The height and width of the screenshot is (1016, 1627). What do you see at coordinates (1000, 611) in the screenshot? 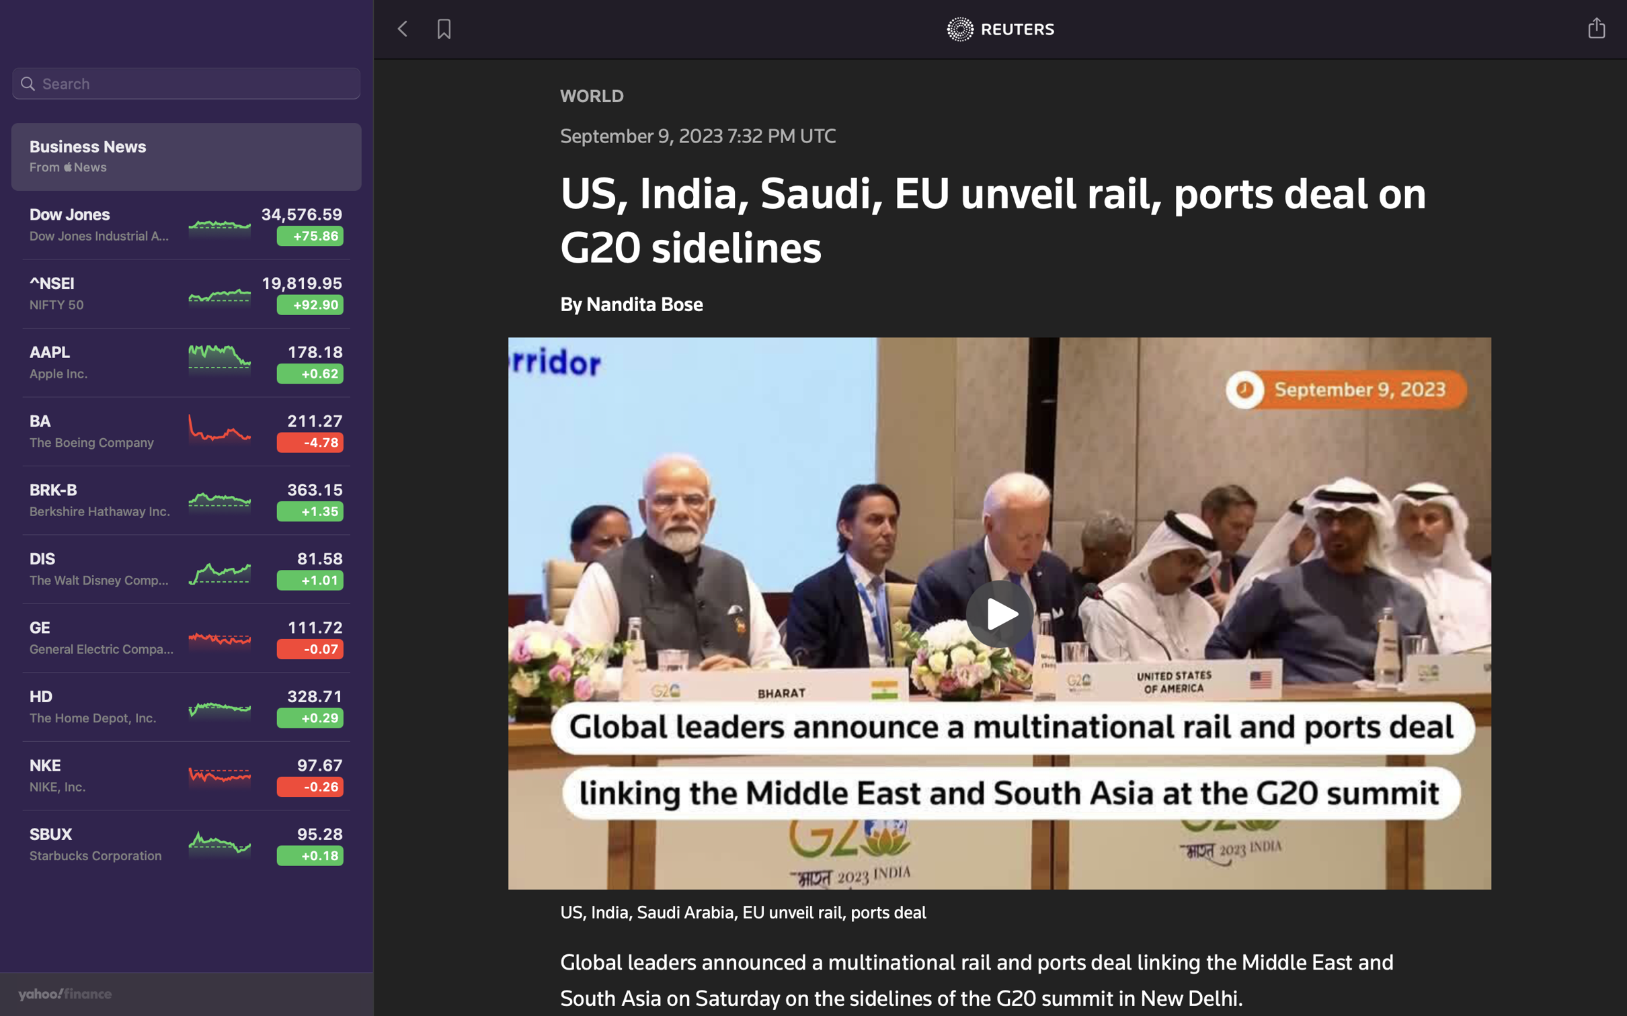
I see `Play the previous video in the news section` at bounding box center [1000, 611].